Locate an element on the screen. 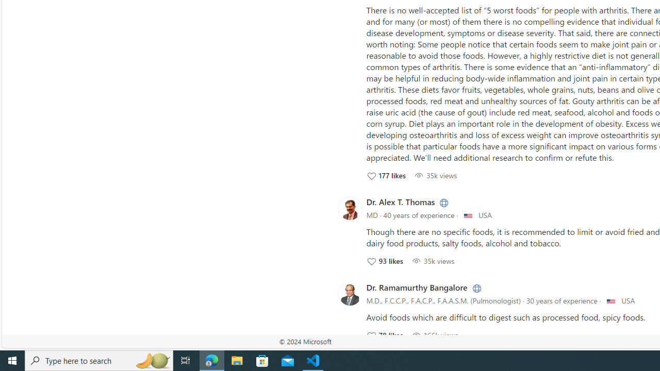 The height and width of the screenshot is (371, 660). '93 Like; Click to Like' is located at coordinates (384, 260).